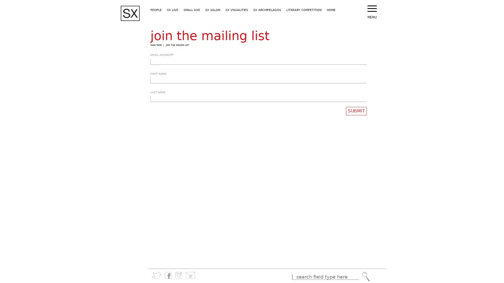 The width and height of the screenshot is (504, 283). I want to click on SUBMIT, so click(356, 111).